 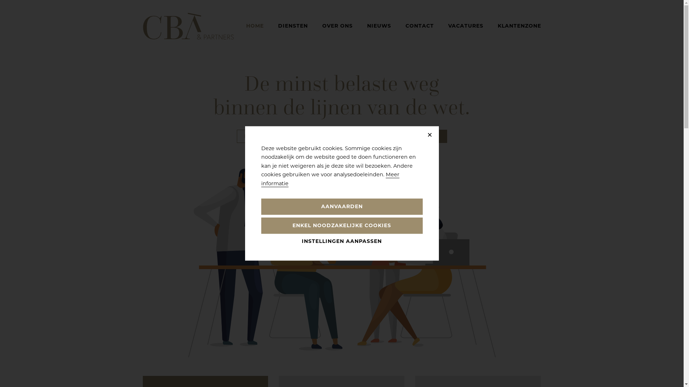 What do you see at coordinates (342, 207) in the screenshot?
I see `'AANVAARDEN'` at bounding box center [342, 207].